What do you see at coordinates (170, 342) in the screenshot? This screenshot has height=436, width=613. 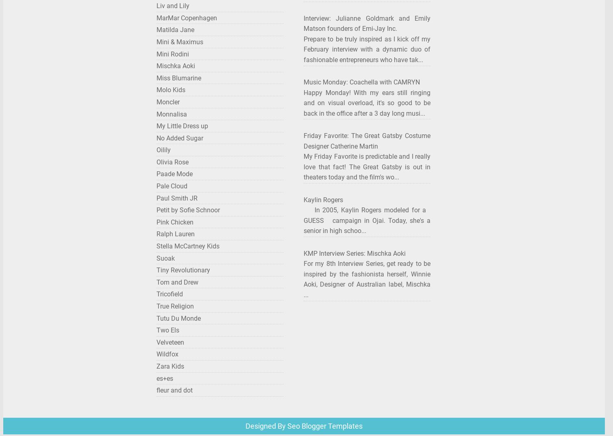 I see `'Velveteen'` at bounding box center [170, 342].